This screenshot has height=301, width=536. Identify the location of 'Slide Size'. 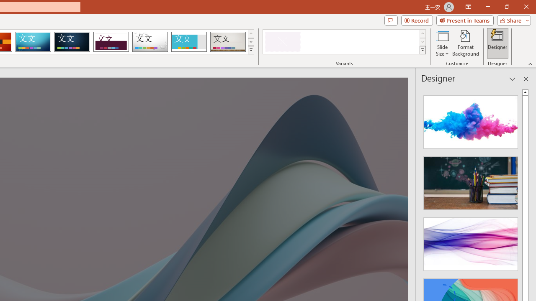
(442, 43).